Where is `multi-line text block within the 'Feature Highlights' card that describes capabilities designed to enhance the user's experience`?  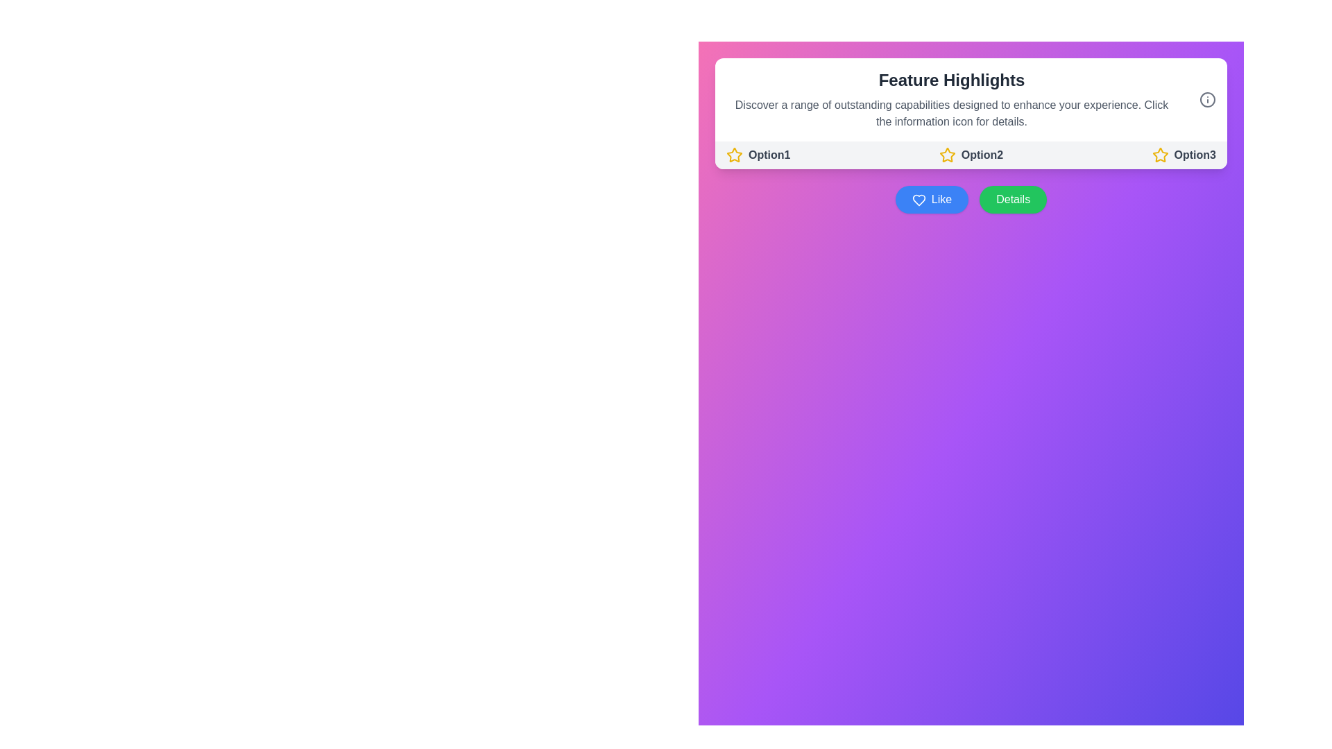 multi-line text block within the 'Feature Highlights' card that describes capabilities designed to enhance the user's experience is located at coordinates (951, 113).